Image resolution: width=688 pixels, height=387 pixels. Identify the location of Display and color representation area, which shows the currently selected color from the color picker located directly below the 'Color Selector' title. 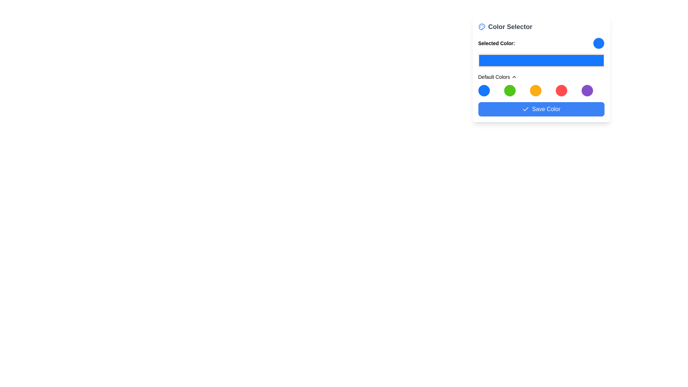
(541, 43).